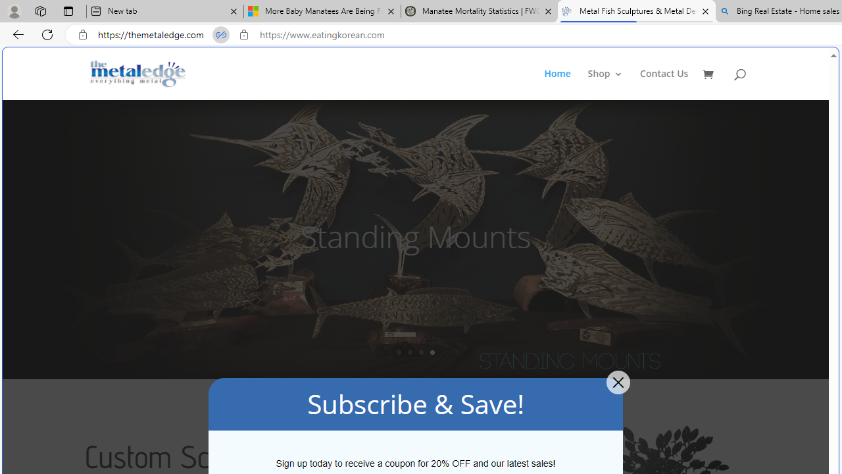 The height and width of the screenshot is (474, 842). What do you see at coordinates (564, 84) in the screenshot?
I see `'Home'` at bounding box center [564, 84].